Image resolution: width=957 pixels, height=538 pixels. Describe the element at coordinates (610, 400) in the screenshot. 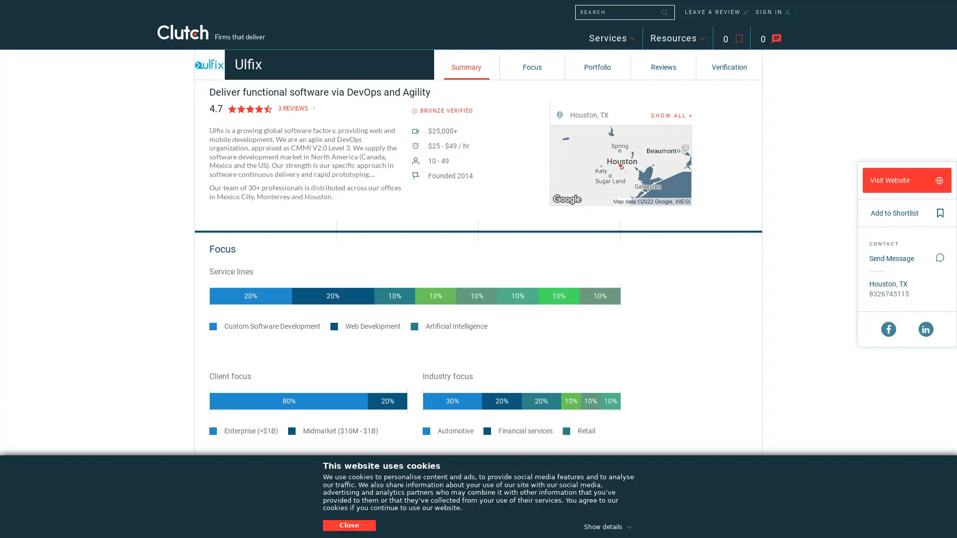

I see `10%` at that location.